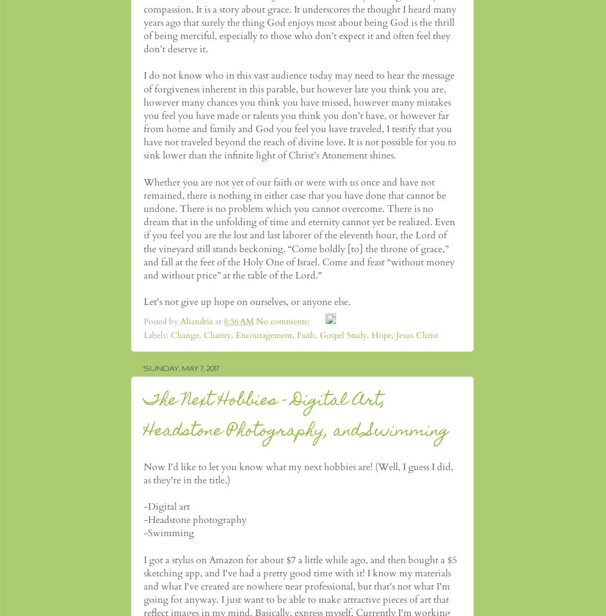 The width and height of the screenshot is (606, 616). What do you see at coordinates (167, 506) in the screenshot?
I see `'-Digital art'` at bounding box center [167, 506].